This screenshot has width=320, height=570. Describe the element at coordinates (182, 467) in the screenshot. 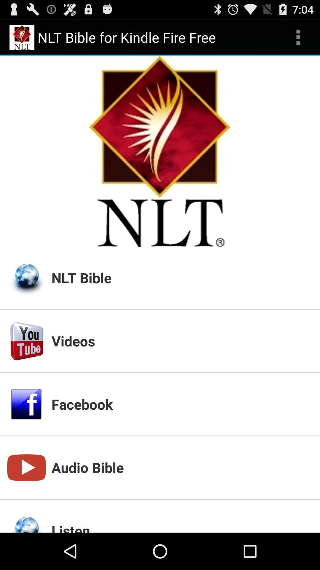

I see `app above listen app` at that location.